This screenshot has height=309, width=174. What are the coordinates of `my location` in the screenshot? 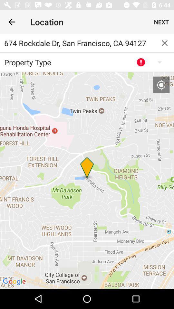 It's located at (161, 84).